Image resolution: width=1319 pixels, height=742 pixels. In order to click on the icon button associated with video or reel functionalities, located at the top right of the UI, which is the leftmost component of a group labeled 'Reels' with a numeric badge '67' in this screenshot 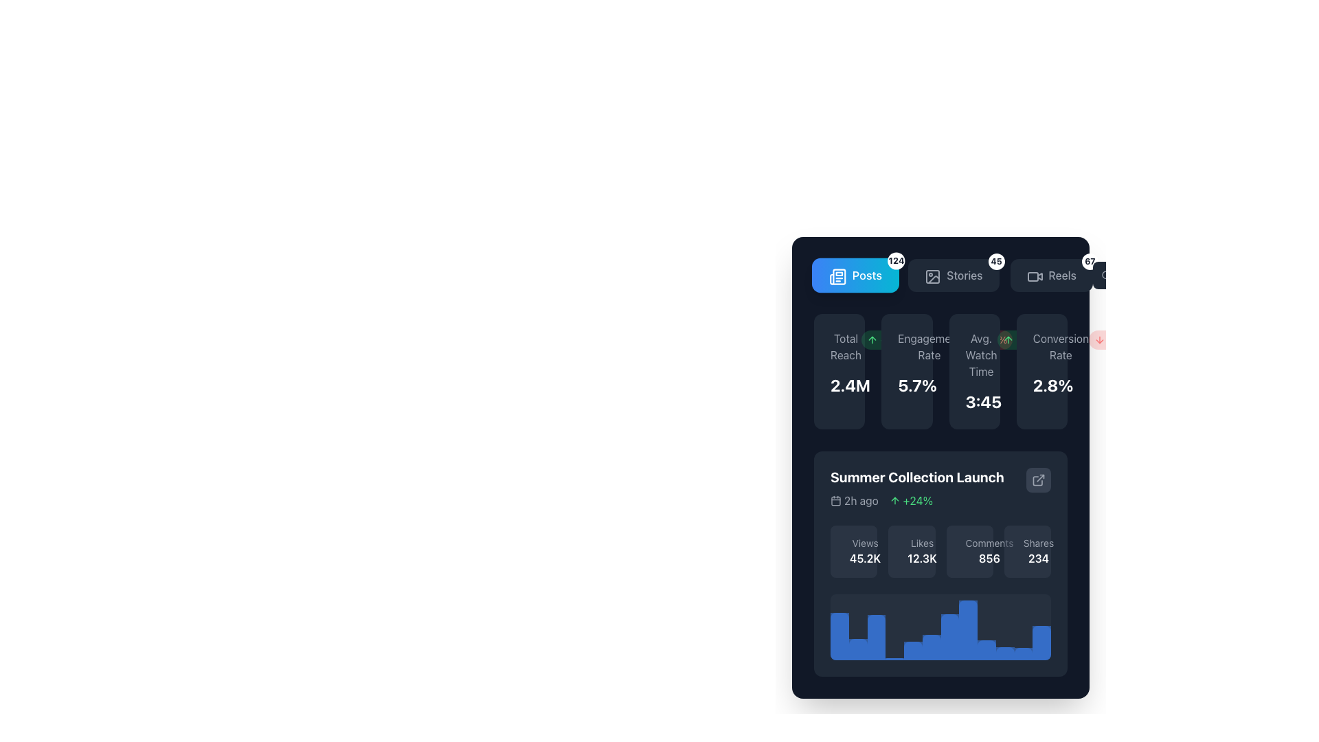, I will do `click(1033, 276)`.